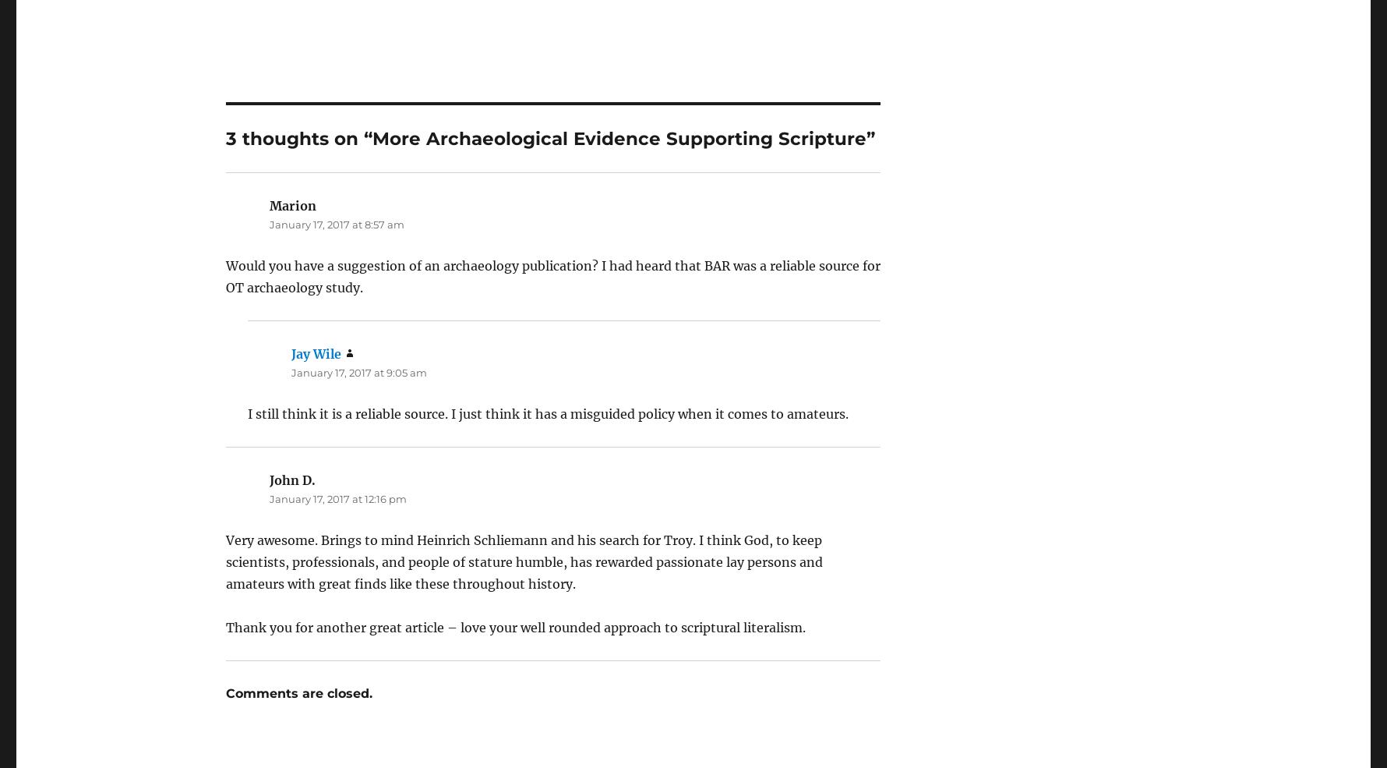  I want to click on 'January 17, 2017 at 8:57 am', so click(336, 180).